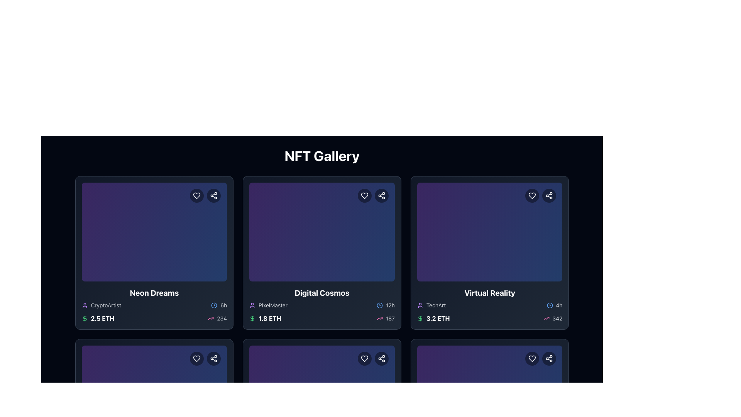  What do you see at coordinates (559, 305) in the screenshot?
I see `the static text displaying '4h' in a small, light-gray font located on the right side of the bottom row of the 'Virtual Reality' card` at bounding box center [559, 305].